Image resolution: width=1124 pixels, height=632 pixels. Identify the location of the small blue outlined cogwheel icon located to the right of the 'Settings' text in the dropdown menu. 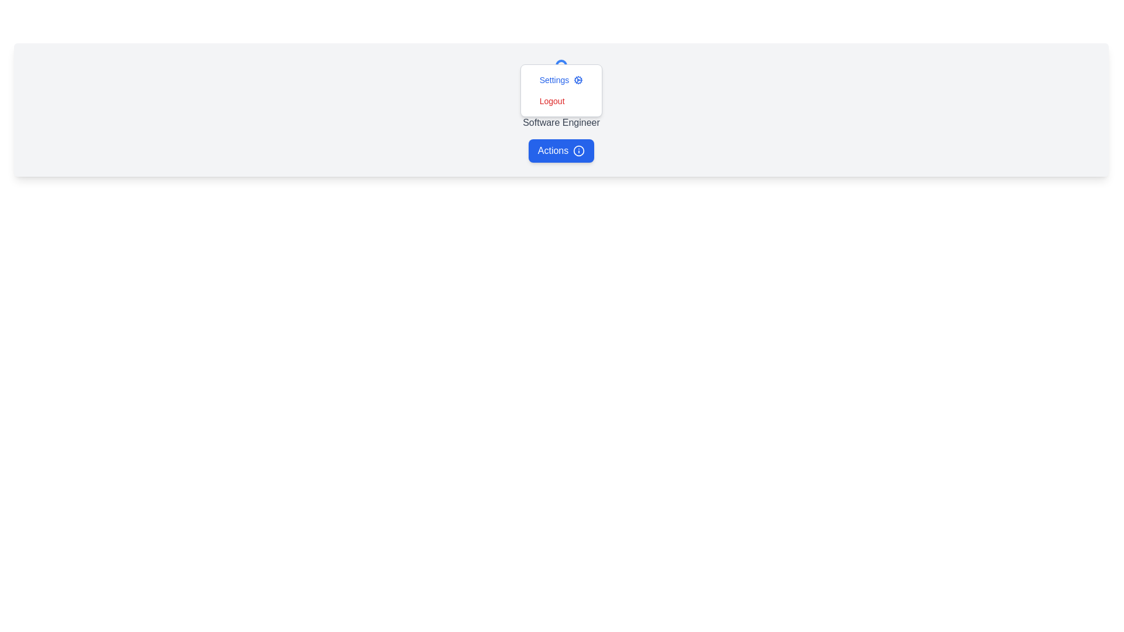
(578, 80).